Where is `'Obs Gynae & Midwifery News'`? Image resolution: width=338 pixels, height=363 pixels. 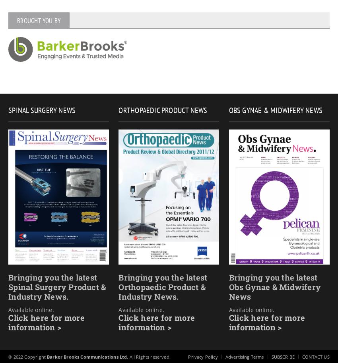 'Obs Gynae & Midwifery News' is located at coordinates (229, 110).